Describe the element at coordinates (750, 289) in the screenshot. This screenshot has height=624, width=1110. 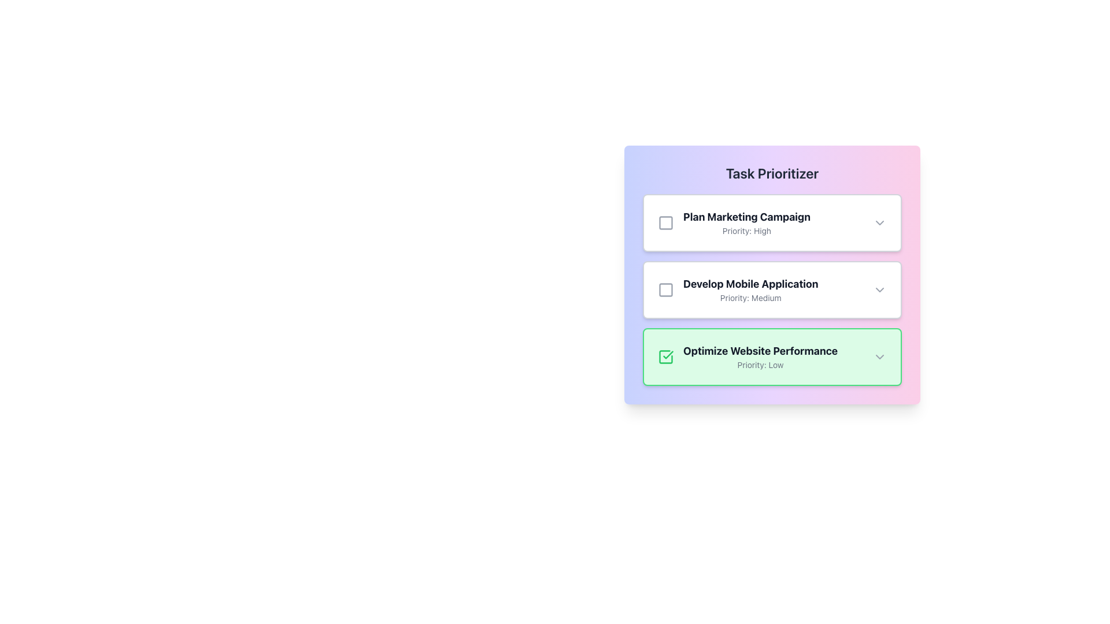
I see `the second task entry in the task prioritization interface that displays the task title and its associated priority level` at that location.